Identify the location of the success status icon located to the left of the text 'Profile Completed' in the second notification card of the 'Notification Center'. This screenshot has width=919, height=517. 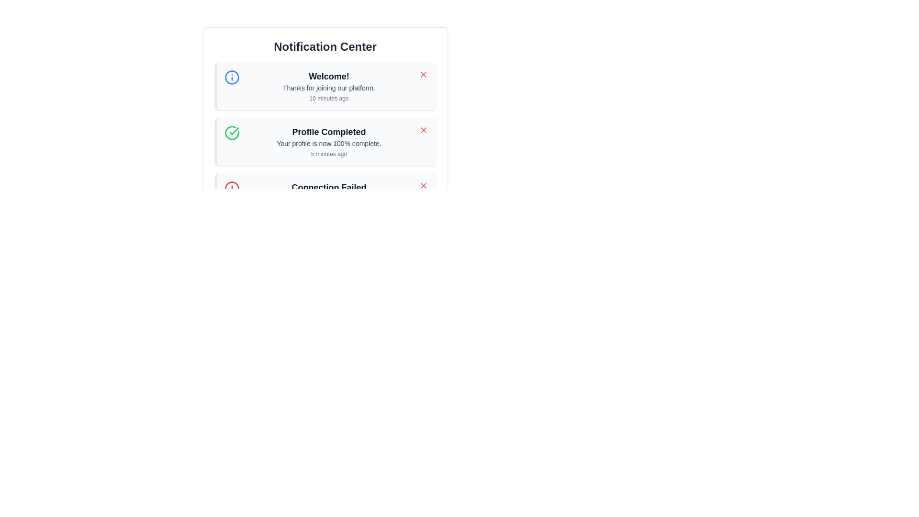
(232, 133).